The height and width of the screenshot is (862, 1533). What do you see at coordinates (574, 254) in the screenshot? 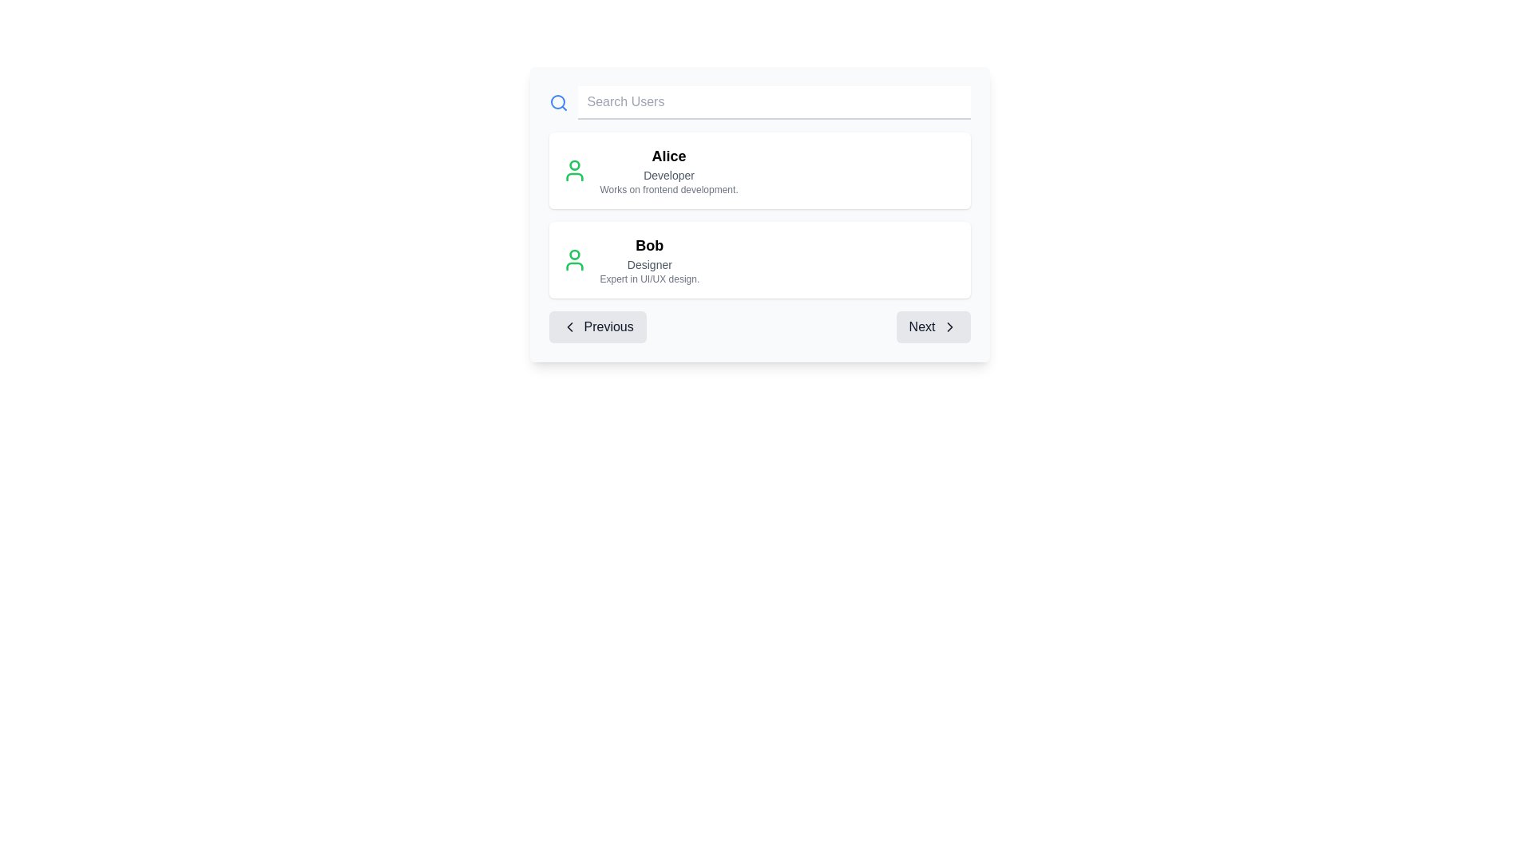
I see `the SVG circle that represents the user's head icon in the user list, located to the left of the user's name and role details` at bounding box center [574, 254].